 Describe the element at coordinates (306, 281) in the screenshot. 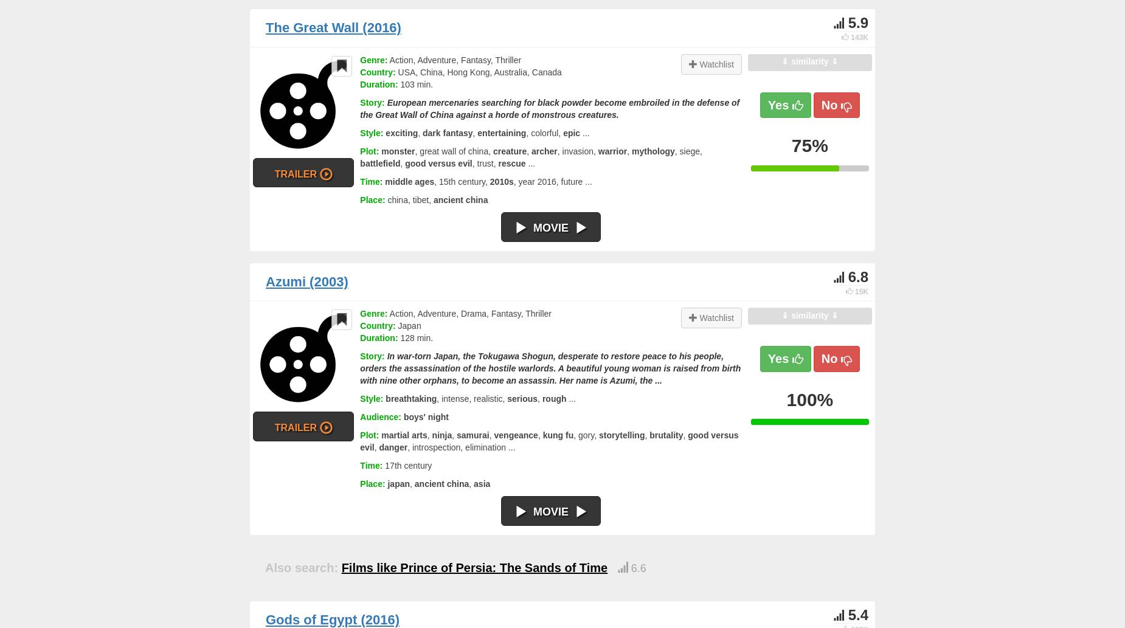

I see `'Azumi (2003)'` at that location.